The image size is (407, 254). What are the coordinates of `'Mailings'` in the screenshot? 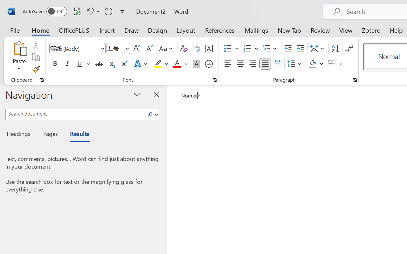 It's located at (256, 30).